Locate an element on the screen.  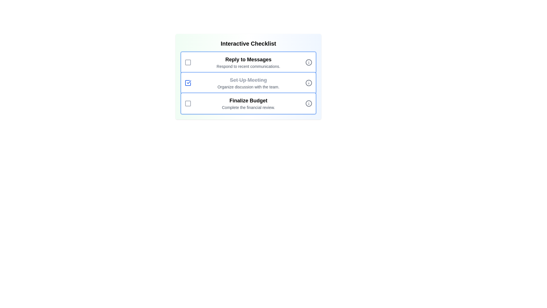
the information icon next to the task Finalize Budget is located at coordinates (309, 103).